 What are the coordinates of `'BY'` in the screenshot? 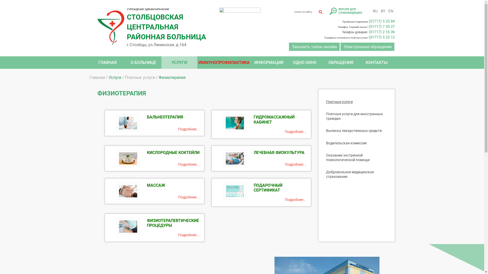 It's located at (383, 11).